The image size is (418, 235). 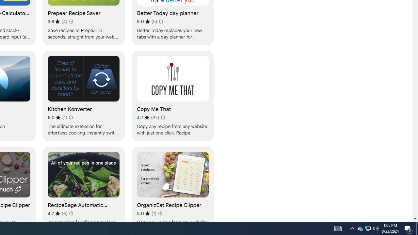 What do you see at coordinates (83, 96) in the screenshot?
I see `'Kitchen Konverter'` at bounding box center [83, 96].